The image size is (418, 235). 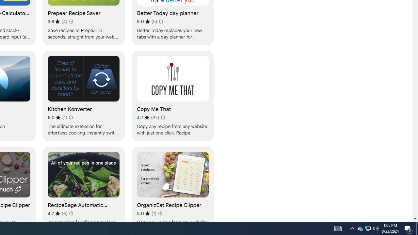 What do you see at coordinates (83, 96) in the screenshot?
I see `'Kitchen Konverter'` at bounding box center [83, 96].